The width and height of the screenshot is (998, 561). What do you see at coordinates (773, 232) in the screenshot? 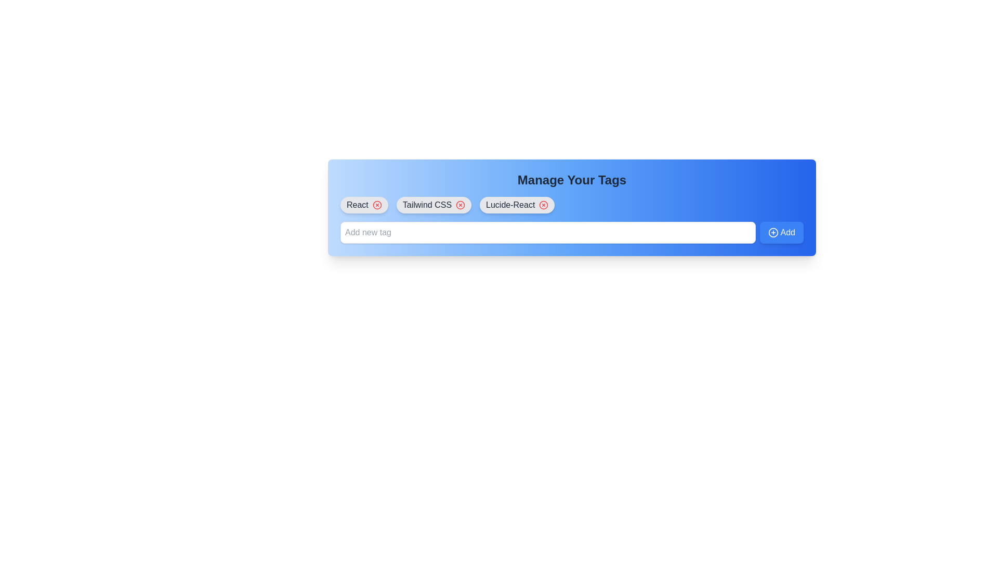
I see `the icon on the 'Add' button located to the left of the text 'Add'` at bounding box center [773, 232].